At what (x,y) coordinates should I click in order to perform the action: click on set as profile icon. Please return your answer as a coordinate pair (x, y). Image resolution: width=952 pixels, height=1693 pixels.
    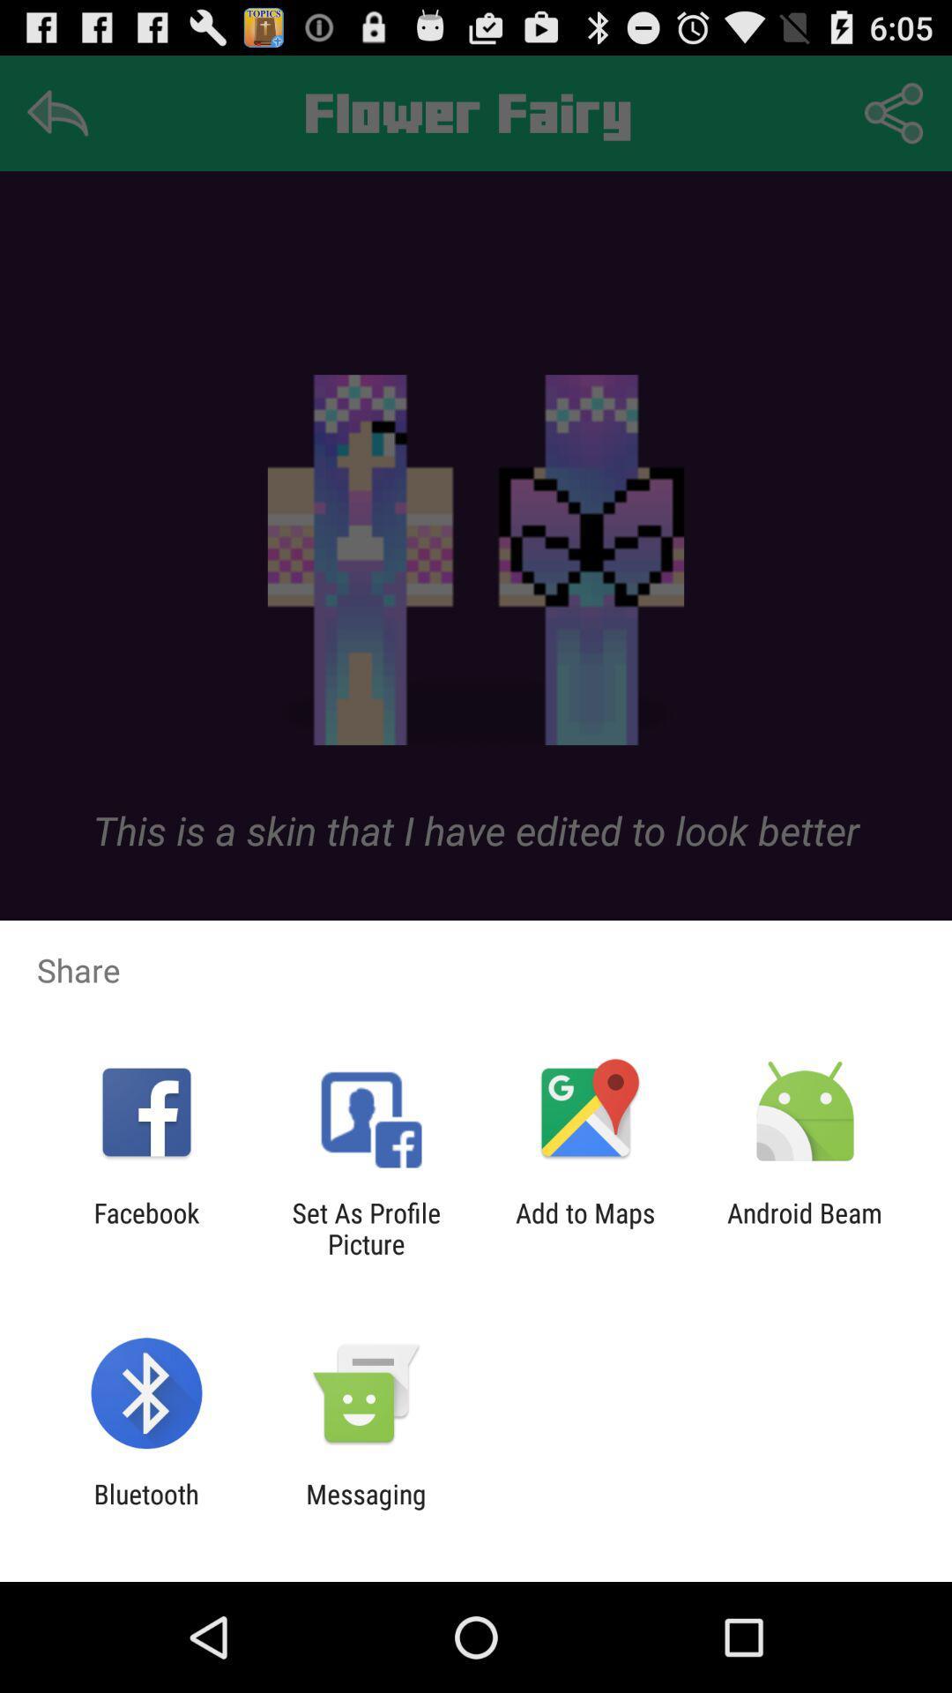
    Looking at the image, I should click on (365, 1227).